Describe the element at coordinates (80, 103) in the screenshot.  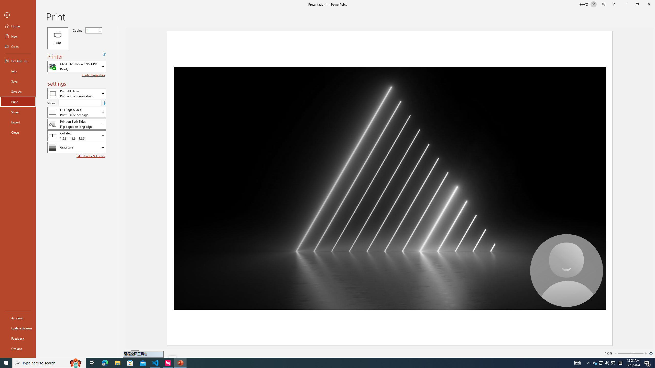
I see `'Slides'` at that location.